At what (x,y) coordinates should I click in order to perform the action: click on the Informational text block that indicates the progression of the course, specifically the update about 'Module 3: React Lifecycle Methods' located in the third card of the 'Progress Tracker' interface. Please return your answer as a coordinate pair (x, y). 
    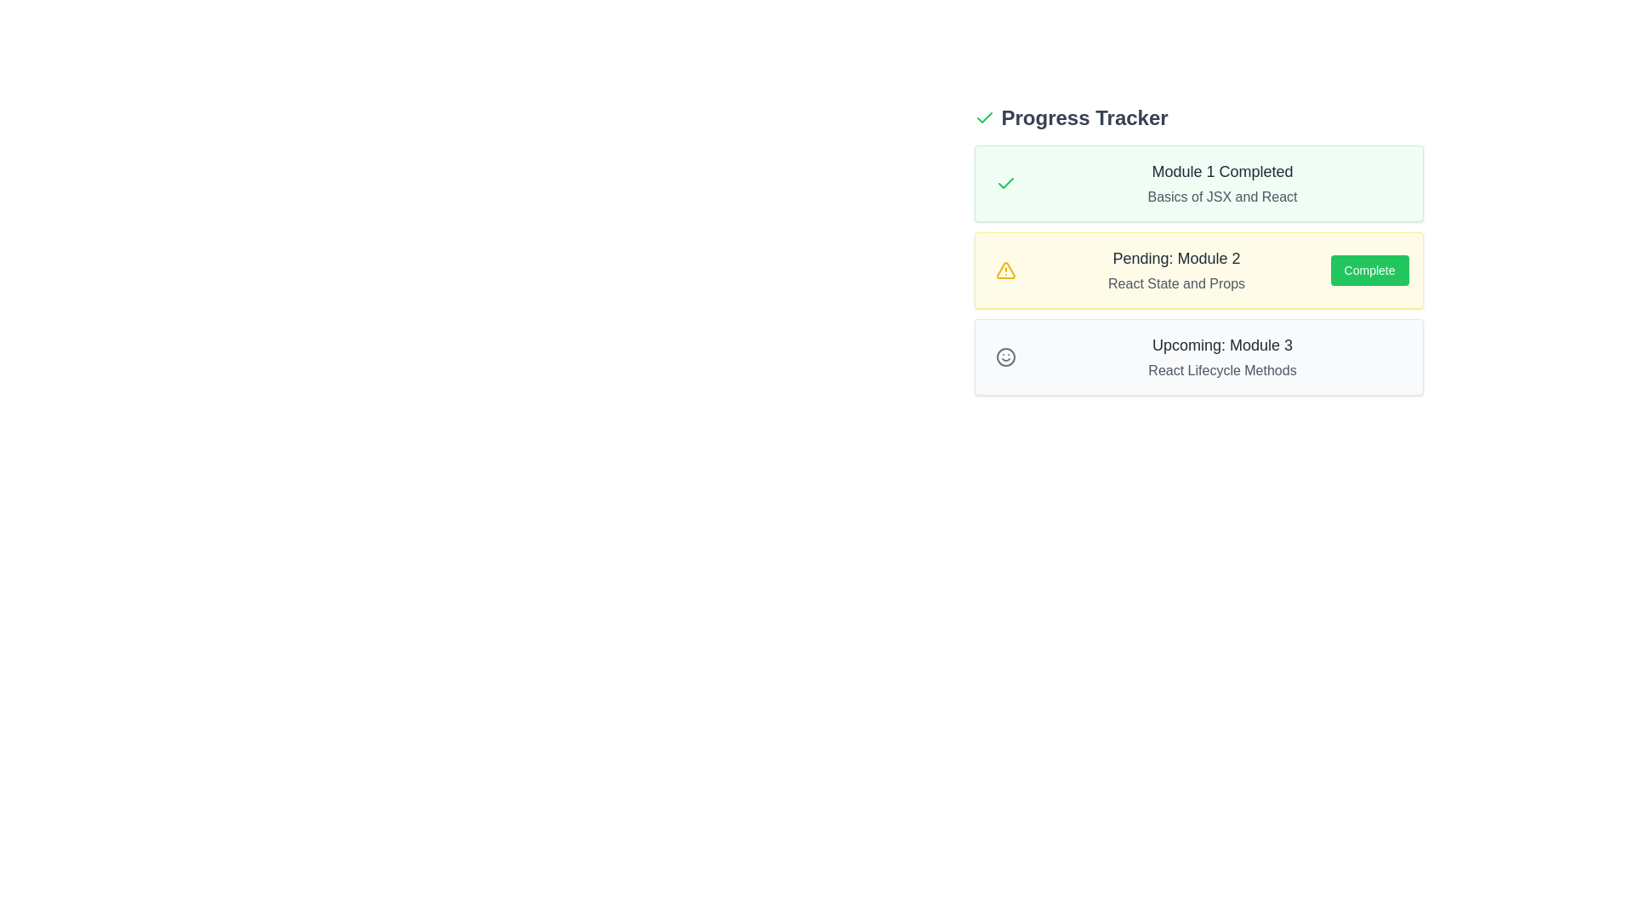
    Looking at the image, I should click on (1221, 357).